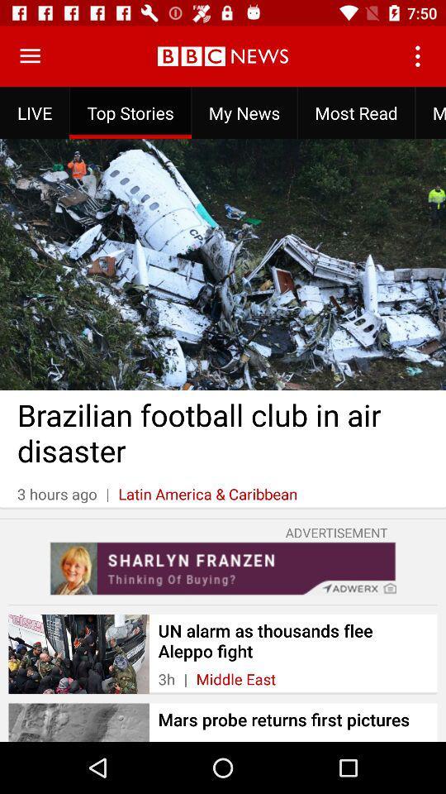  I want to click on open menu, so click(30, 56).